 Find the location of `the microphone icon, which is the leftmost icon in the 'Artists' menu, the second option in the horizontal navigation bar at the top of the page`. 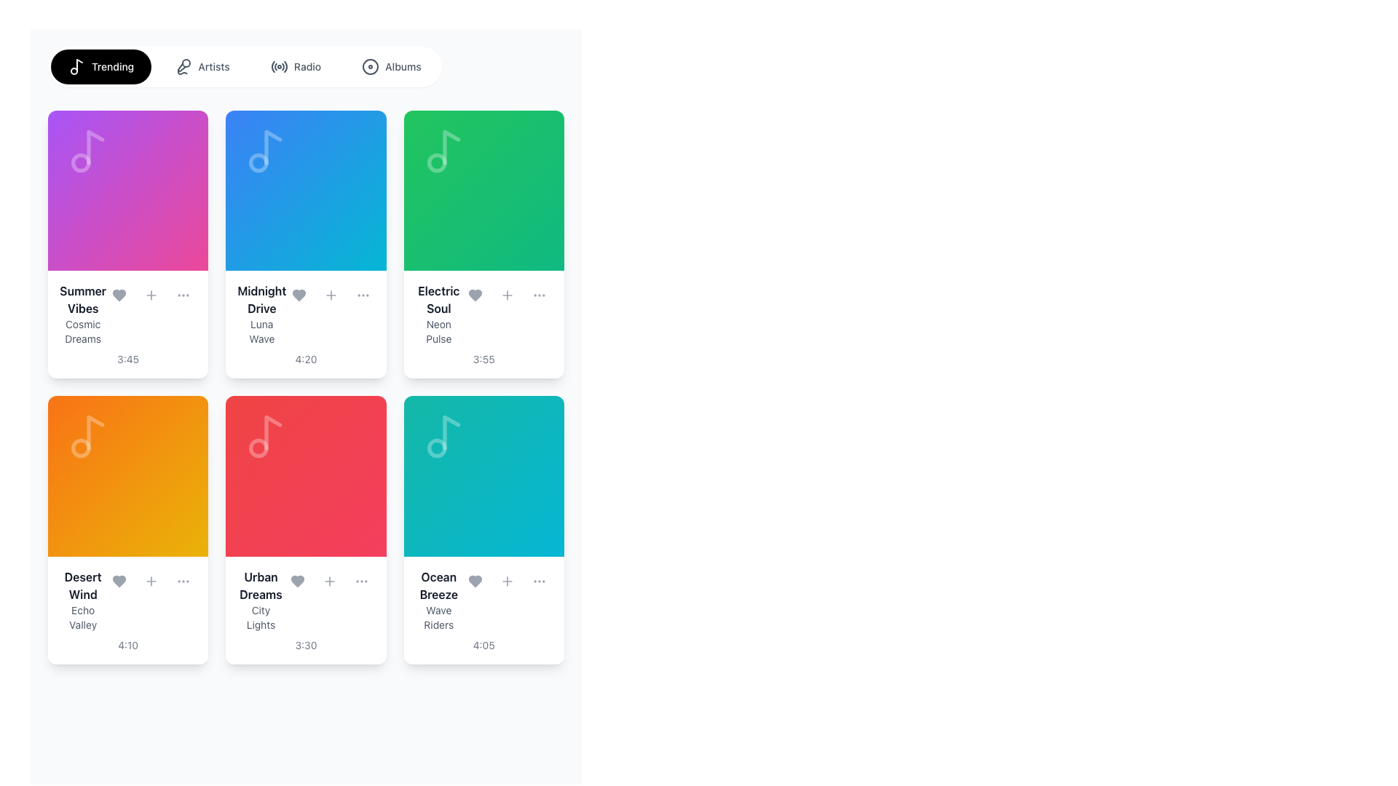

the microphone icon, which is the leftmost icon in the 'Artists' menu, the second option in the horizontal navigation bar at the top of the page is located at coordinates (183, 67).